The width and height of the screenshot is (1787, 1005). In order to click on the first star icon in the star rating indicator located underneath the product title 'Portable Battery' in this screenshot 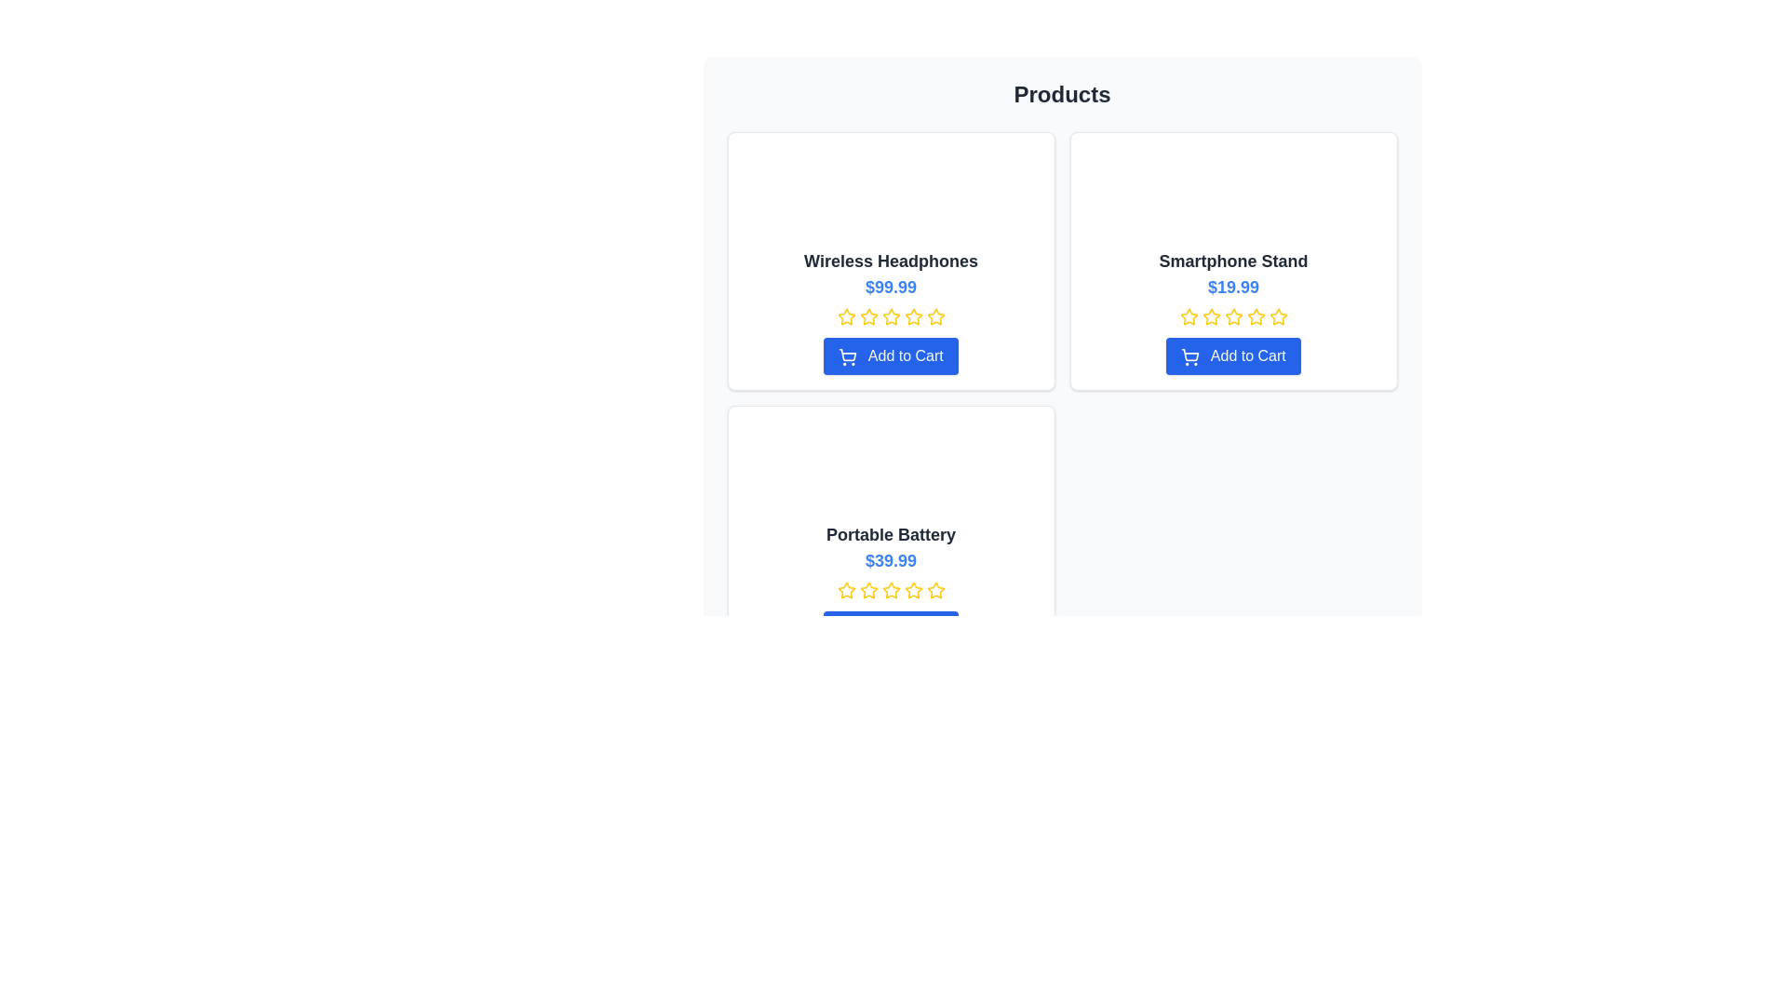, I will do `click(845, 591)`.